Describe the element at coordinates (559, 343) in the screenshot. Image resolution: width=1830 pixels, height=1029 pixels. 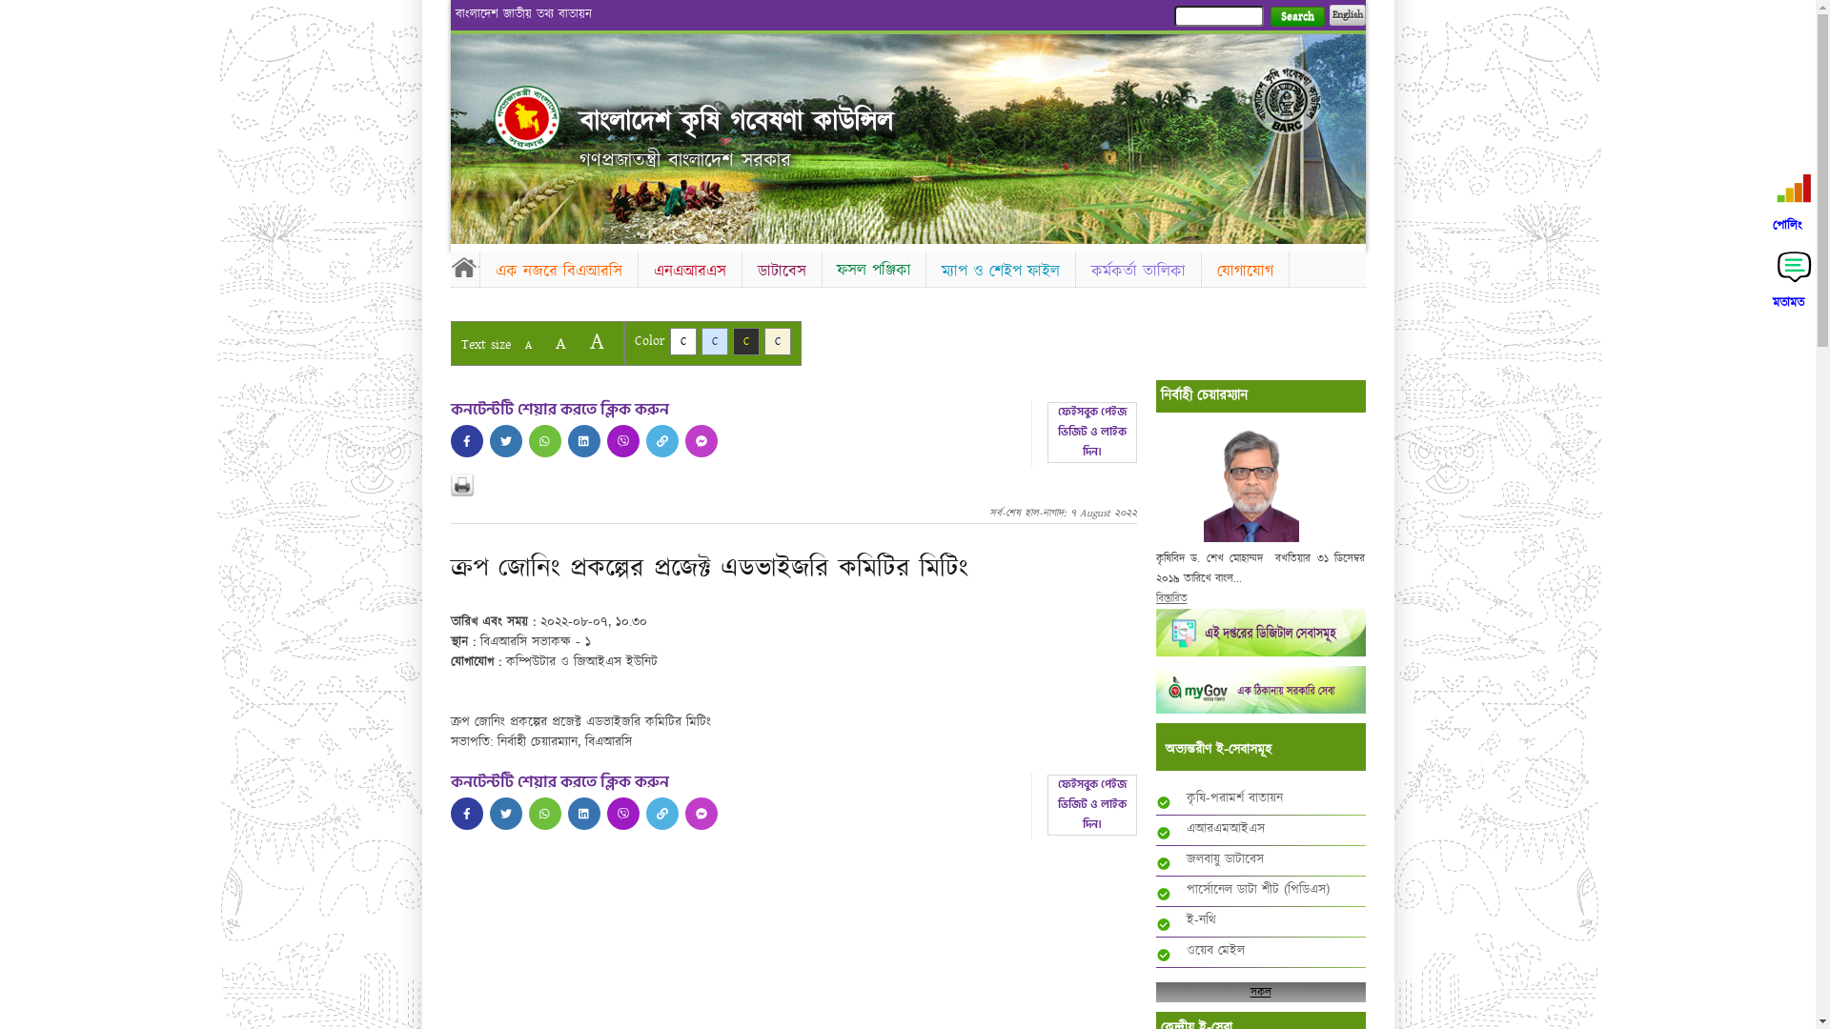
I see `'A'` at that location.